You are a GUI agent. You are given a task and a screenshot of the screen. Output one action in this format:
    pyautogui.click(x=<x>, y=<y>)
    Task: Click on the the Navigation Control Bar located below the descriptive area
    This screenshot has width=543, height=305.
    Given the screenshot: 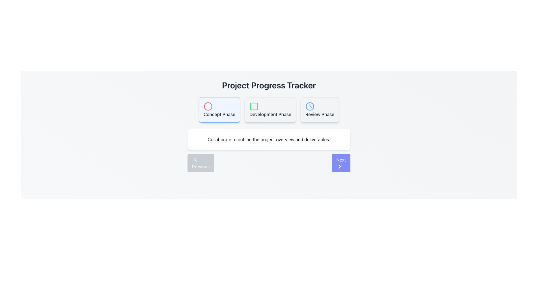 What is the action you would take?
    pyautogui.click(x=268, y=163)
    